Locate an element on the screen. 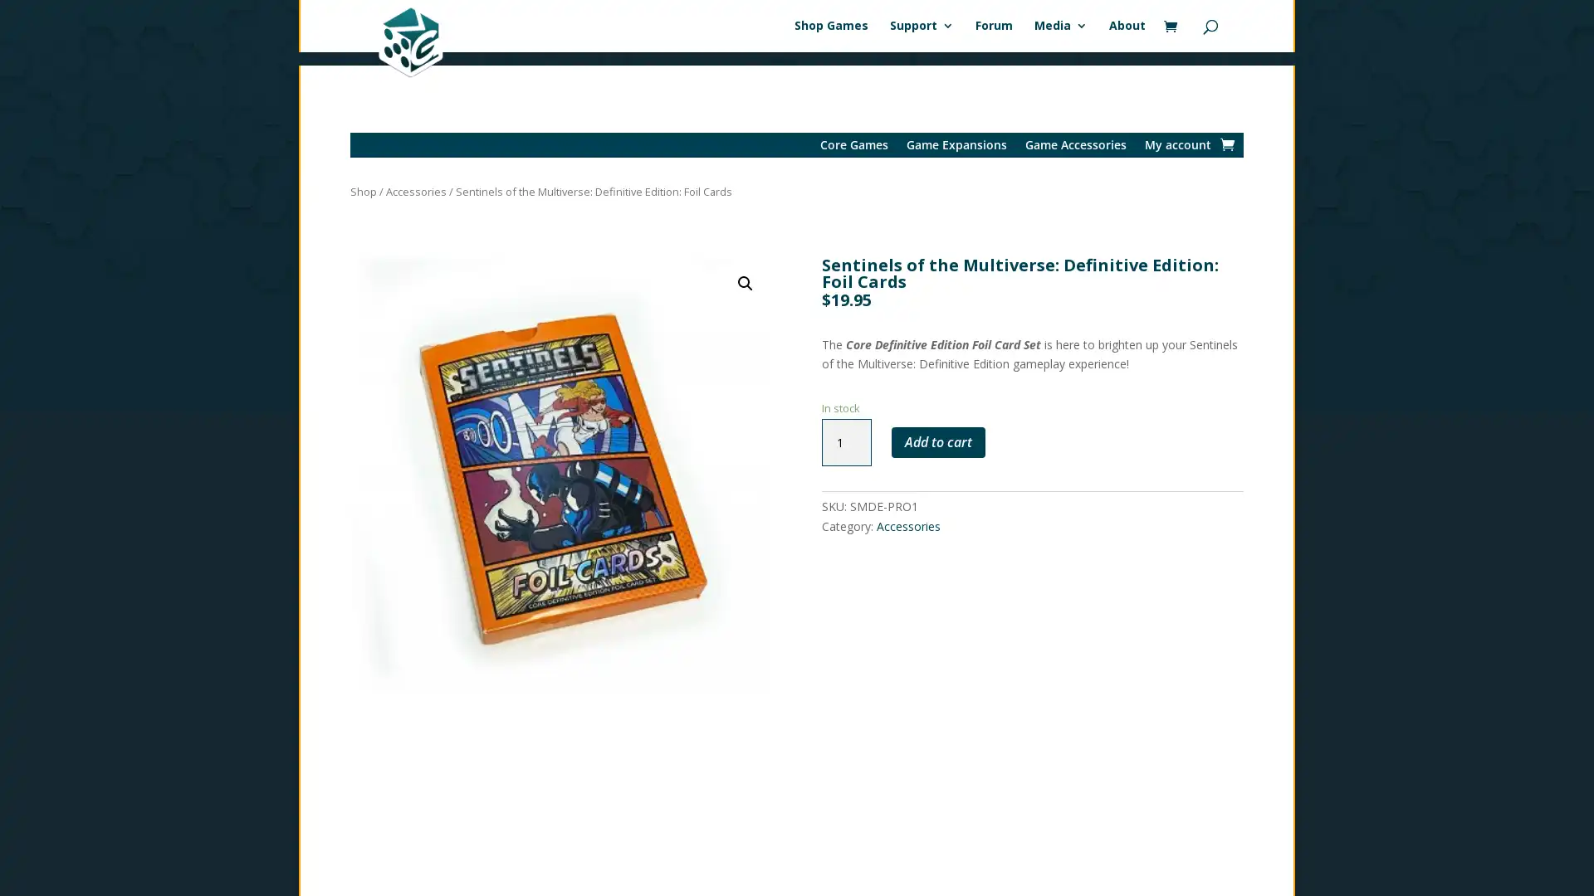 This screenshot has height=896, width=1594. Add to cart is located at coordinates (937, 427).